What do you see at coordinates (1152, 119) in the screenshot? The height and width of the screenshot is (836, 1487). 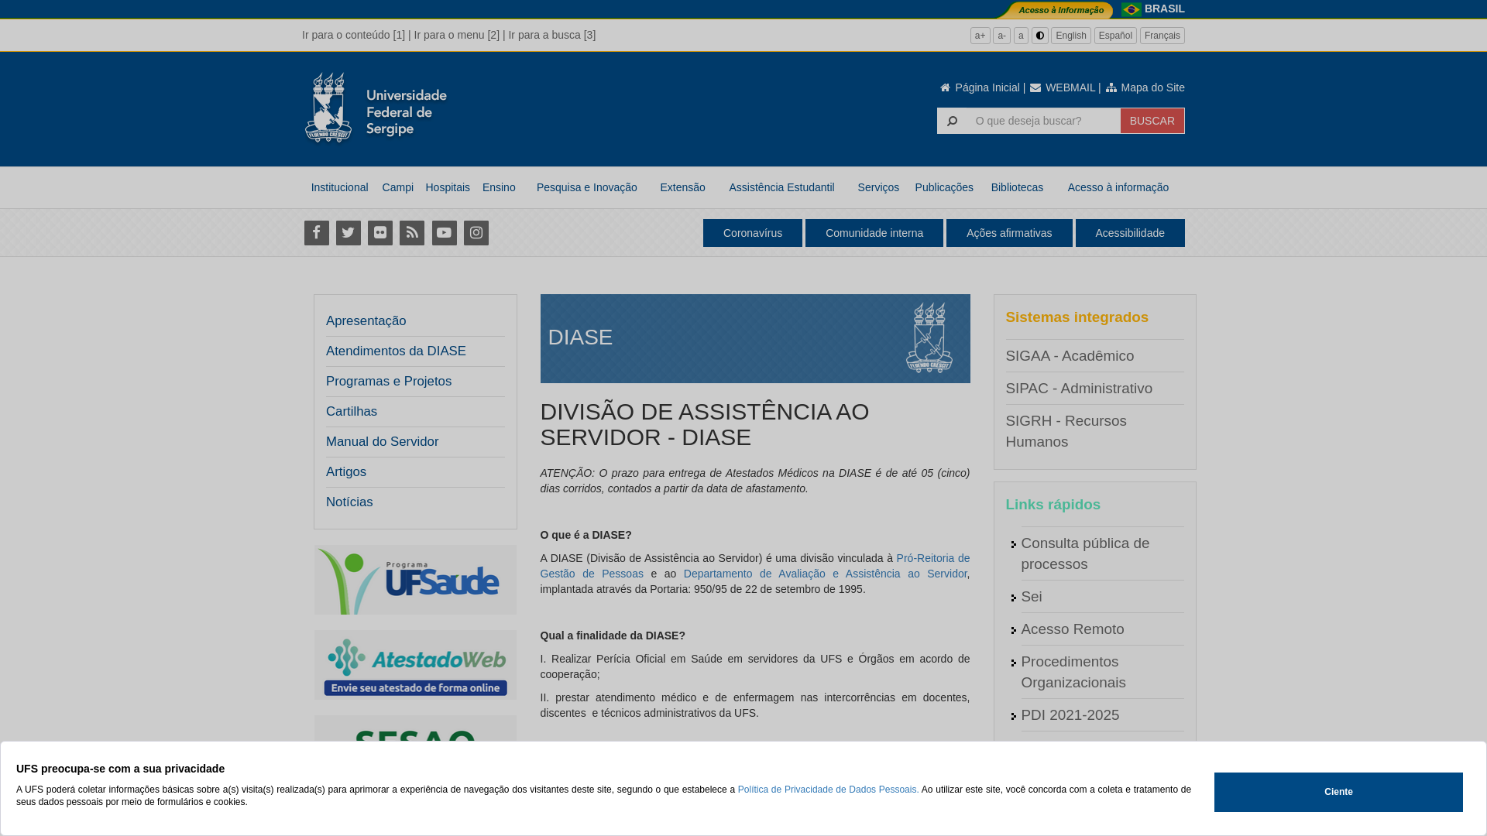 I see `'BUSCAR'` at bounding box center [1152, 119].